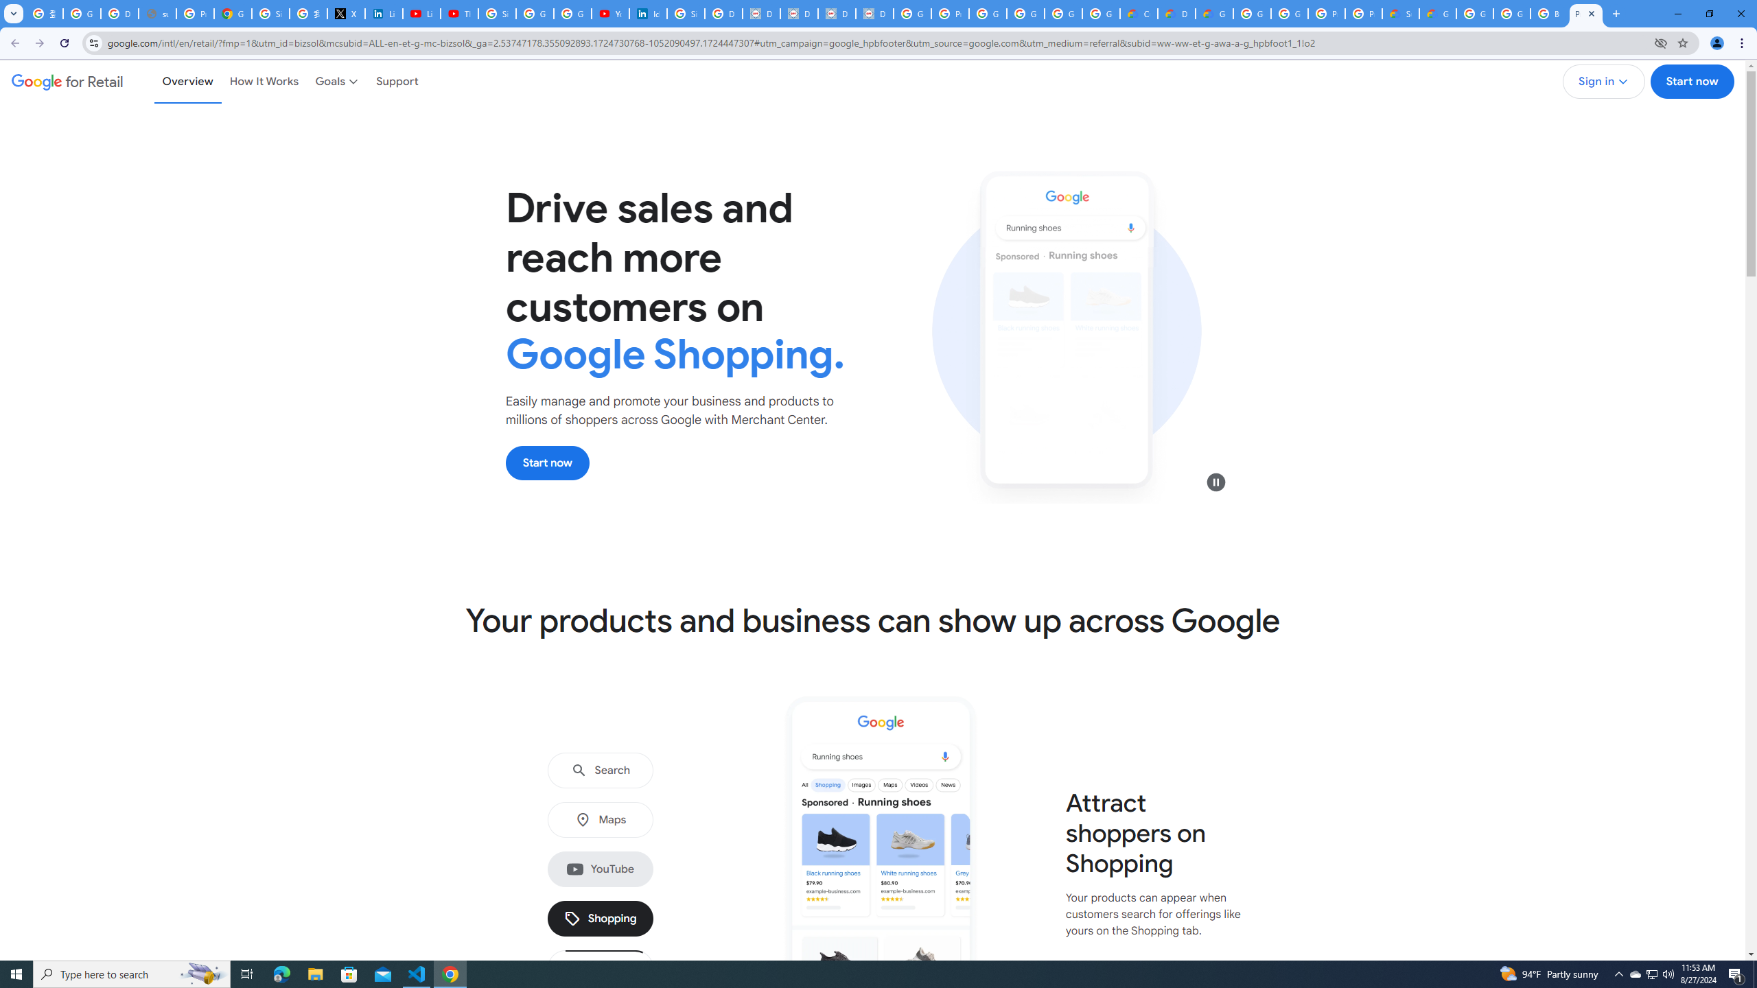  Describe the element at coordinates (1138, 13) in the screenshot. I see `'Customer Care | Google Cloud'` at that location.